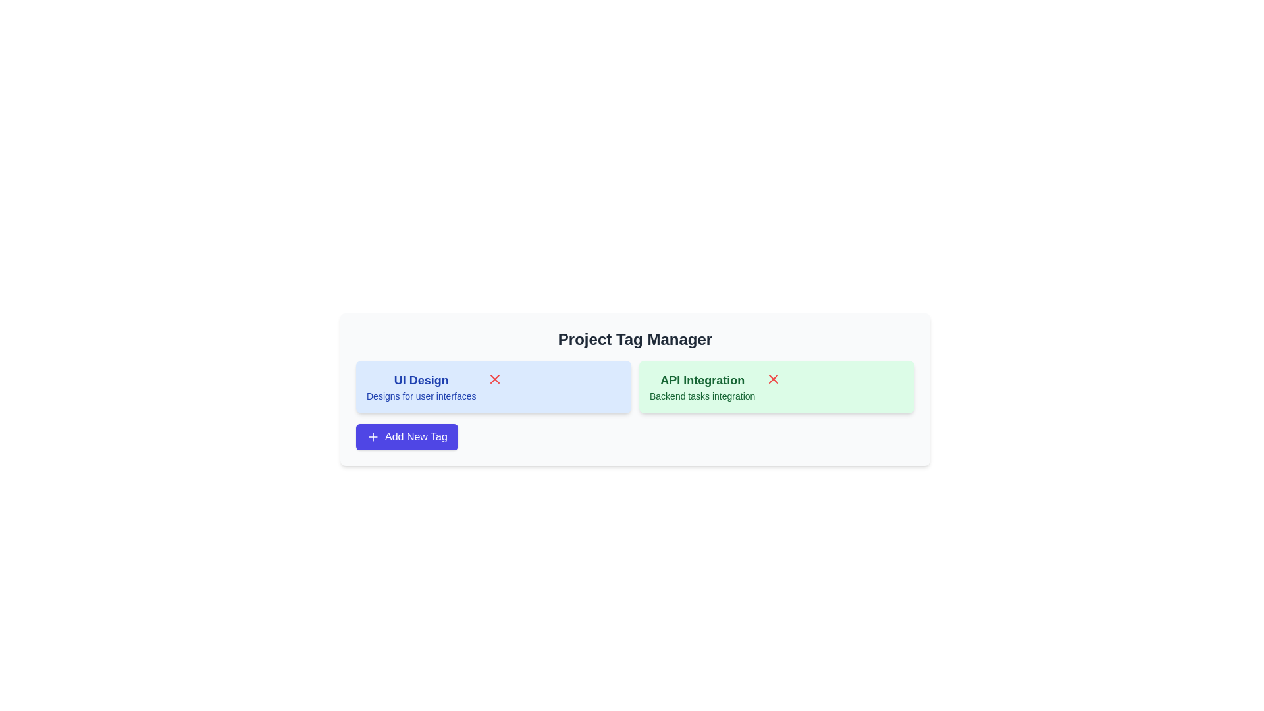 The height and width of the screenshot is (711, 1264). I want to click on the 'API Integration' text label located within the rightmost green tag block, which is above the 'Backend tasks integration' text, so click(702, 381).